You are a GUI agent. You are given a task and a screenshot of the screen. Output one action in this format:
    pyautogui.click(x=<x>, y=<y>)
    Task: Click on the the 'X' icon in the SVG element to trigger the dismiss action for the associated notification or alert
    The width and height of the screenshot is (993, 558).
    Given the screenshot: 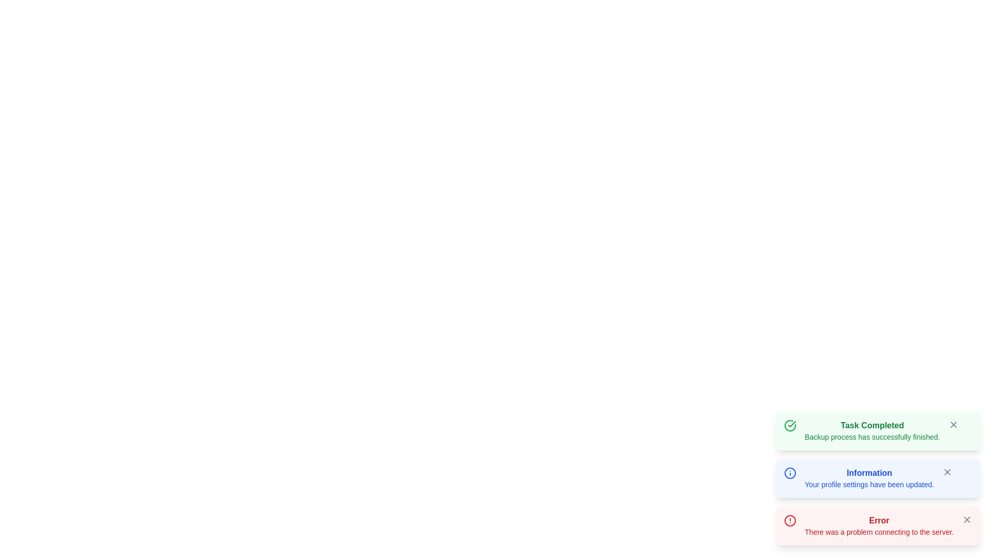 What is the action you would take?
    pyautogui.click(x=947, y=472)
    